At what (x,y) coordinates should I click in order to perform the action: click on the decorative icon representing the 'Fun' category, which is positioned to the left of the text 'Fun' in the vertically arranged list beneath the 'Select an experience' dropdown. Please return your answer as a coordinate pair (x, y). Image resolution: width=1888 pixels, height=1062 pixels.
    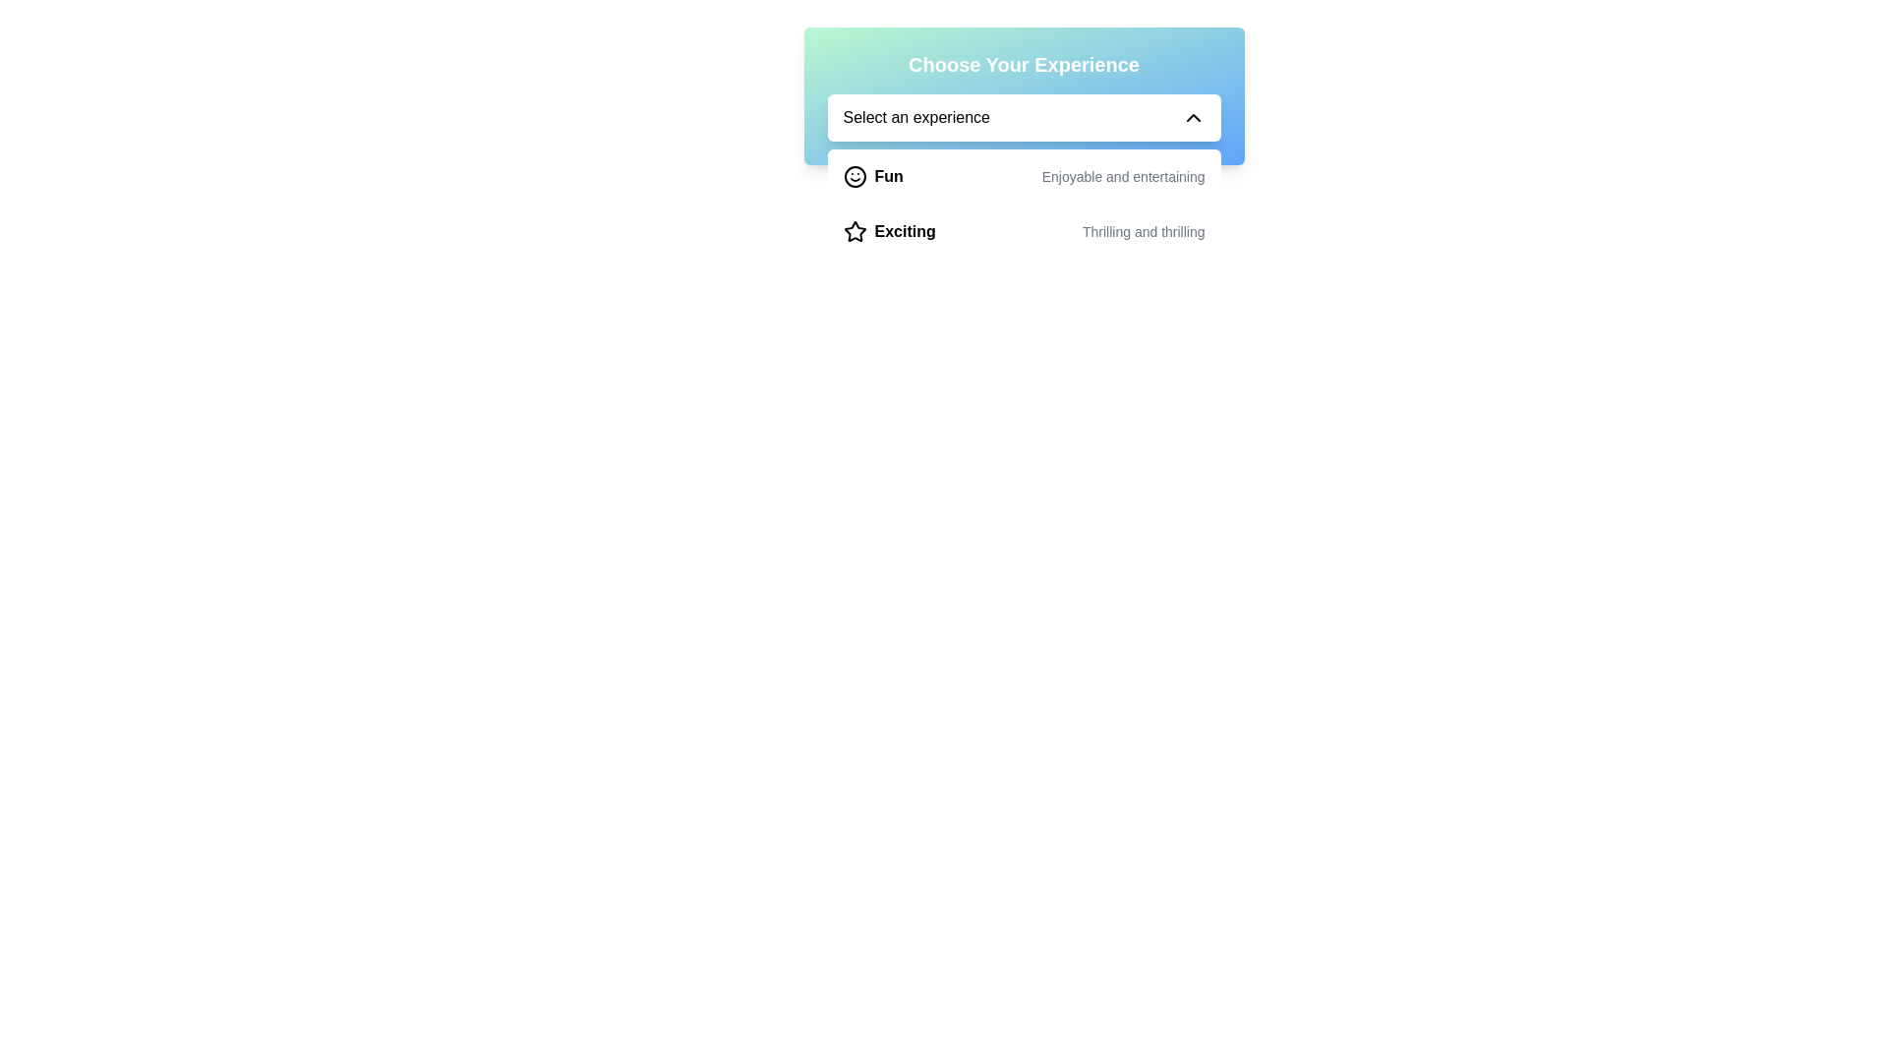
    Looking at the image, I should click on (855, 177).